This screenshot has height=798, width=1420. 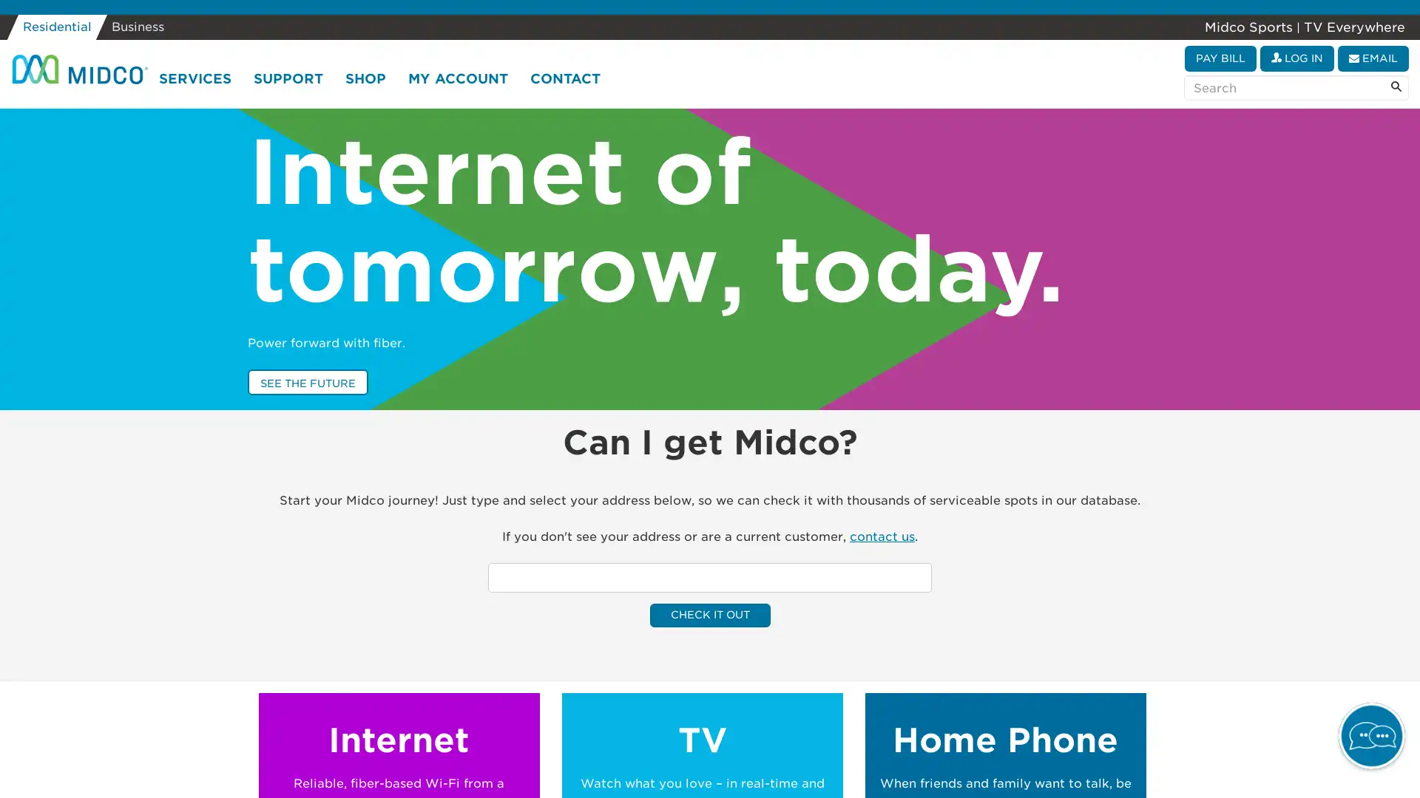 What do you see at coordinates (709, 615) in the screenshot?
I see `CHECK IT OUT` at bounding box center [709, 615].